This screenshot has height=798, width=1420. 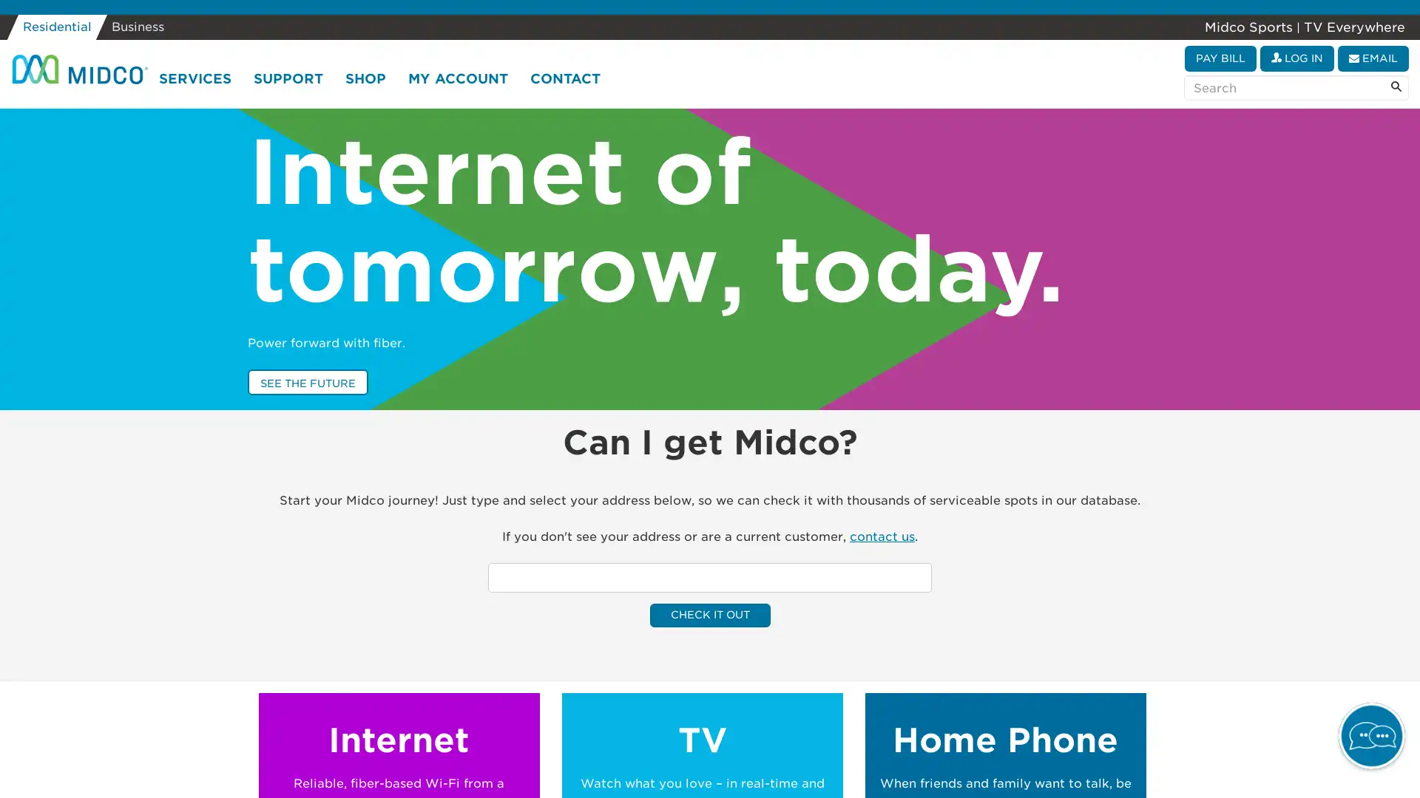 What do you see at coordinates (709, 615) in the screenshot?
I see `CHECK IT OUT` at bounding box center [709, 615].